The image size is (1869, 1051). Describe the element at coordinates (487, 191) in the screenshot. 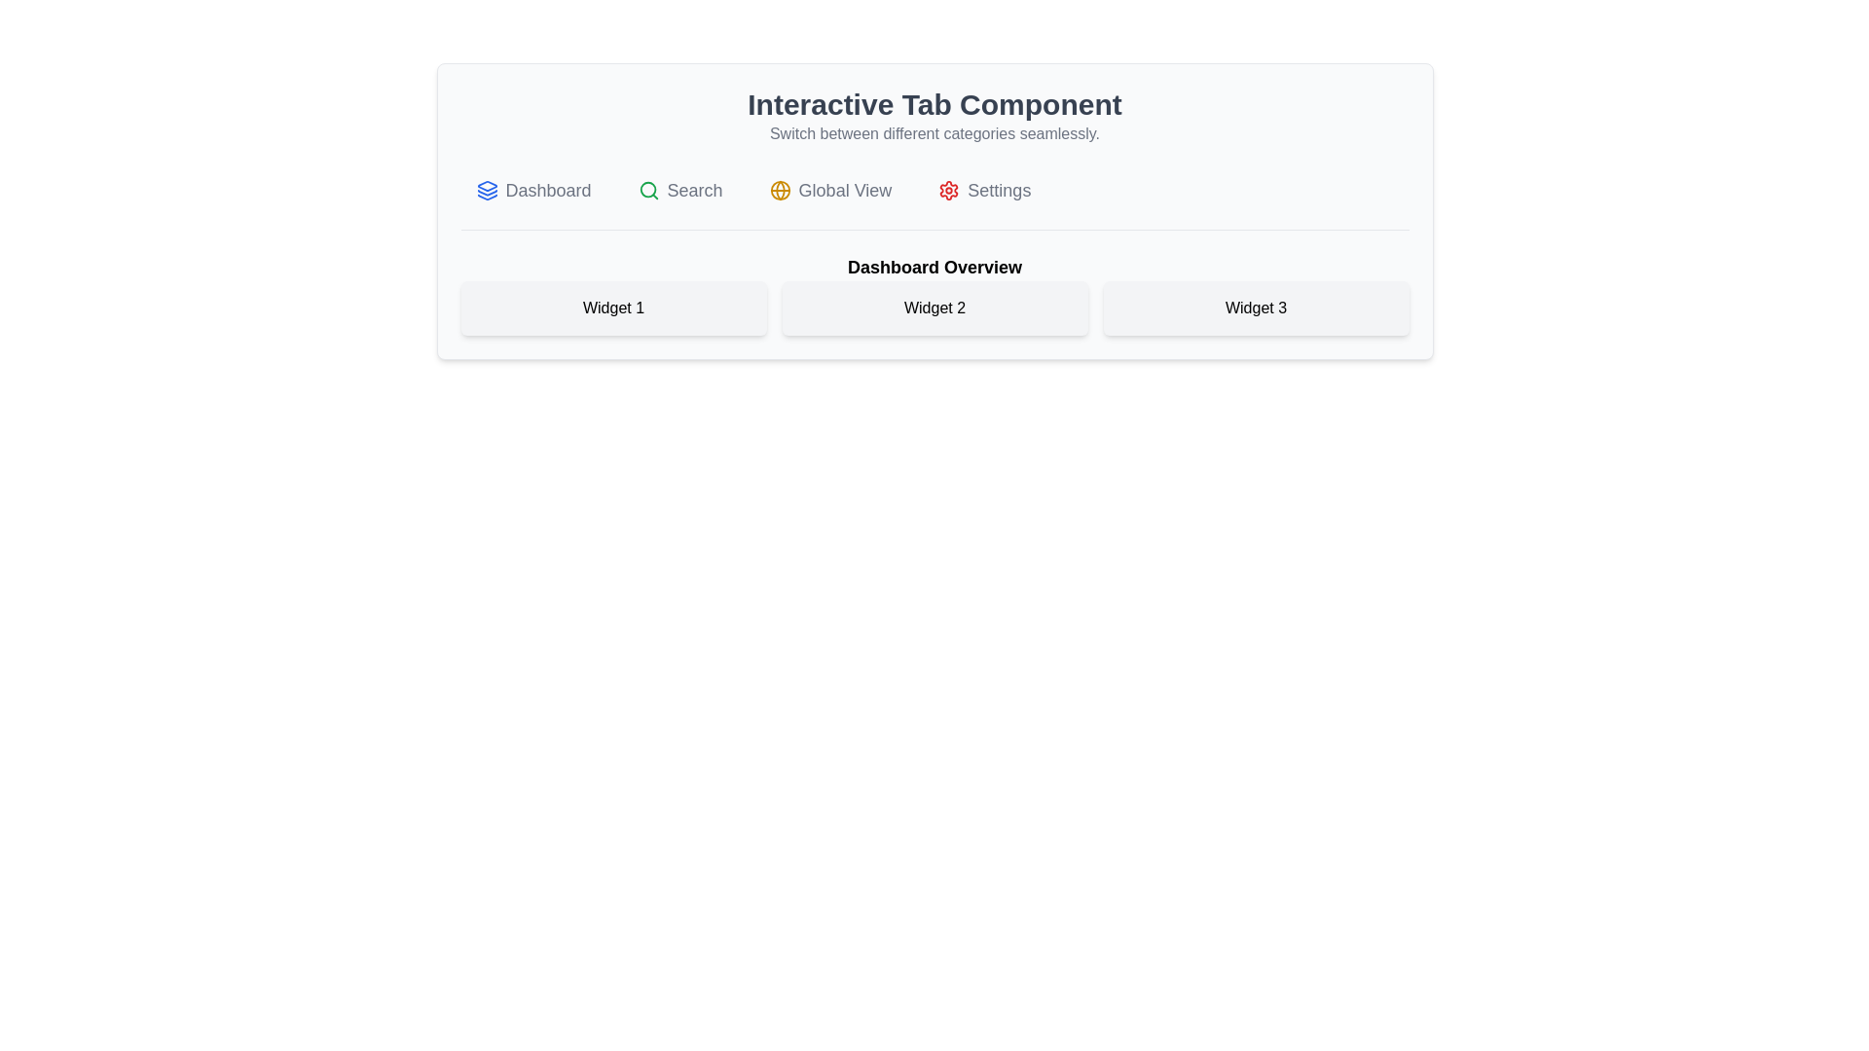

I see `the blue icon composed of three stacked shapes in the 'Dashboard' tab of the navigation bar` at that location.